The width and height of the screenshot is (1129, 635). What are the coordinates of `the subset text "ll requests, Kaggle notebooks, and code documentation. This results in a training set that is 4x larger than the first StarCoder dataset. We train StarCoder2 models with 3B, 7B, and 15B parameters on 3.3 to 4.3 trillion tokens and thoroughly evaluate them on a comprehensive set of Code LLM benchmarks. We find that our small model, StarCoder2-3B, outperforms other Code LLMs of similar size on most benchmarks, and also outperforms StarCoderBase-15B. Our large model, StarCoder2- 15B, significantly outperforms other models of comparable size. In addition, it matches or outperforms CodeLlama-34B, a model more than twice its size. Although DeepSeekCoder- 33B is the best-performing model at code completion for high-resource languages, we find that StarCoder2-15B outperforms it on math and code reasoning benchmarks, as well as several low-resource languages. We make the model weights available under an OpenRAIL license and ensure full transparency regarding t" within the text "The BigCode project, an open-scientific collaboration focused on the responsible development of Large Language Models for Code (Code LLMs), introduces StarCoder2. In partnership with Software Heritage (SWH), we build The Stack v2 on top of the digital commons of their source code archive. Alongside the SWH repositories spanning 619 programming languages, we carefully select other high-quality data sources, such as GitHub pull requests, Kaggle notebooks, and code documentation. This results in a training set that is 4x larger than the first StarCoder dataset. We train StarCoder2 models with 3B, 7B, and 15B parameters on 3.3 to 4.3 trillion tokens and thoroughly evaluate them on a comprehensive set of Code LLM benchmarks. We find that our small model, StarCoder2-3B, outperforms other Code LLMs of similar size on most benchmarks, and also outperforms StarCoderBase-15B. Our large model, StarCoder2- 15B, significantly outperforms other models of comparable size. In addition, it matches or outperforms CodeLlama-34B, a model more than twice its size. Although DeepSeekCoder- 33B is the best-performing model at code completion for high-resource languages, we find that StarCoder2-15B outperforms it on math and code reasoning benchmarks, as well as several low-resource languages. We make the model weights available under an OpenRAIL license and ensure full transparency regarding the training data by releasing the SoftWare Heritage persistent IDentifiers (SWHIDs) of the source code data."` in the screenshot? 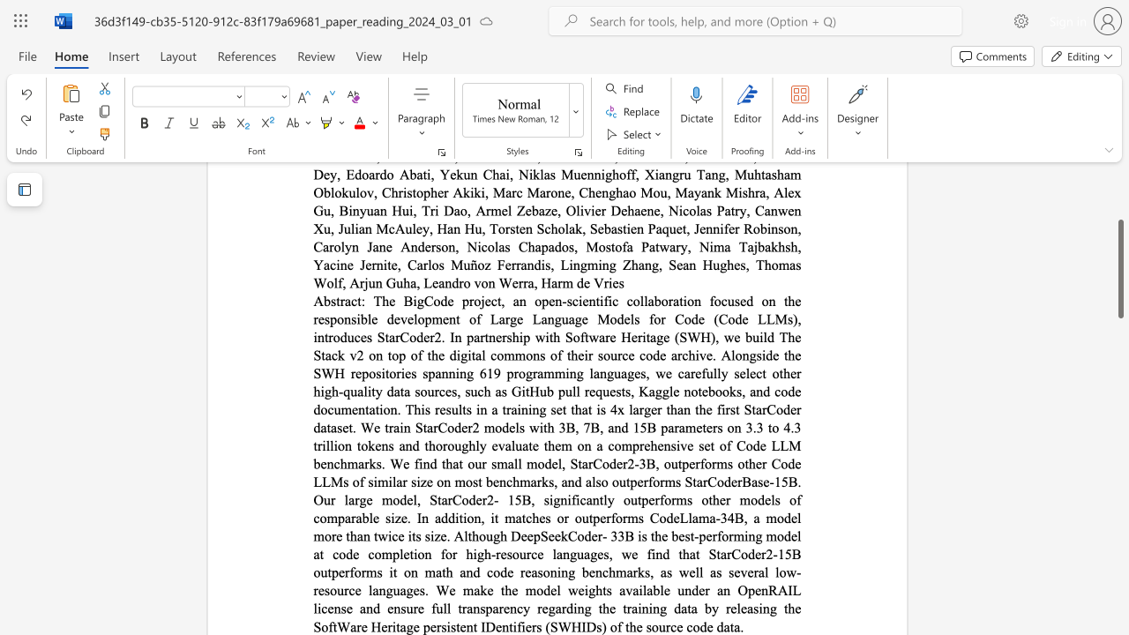 It's located at (572, 391).